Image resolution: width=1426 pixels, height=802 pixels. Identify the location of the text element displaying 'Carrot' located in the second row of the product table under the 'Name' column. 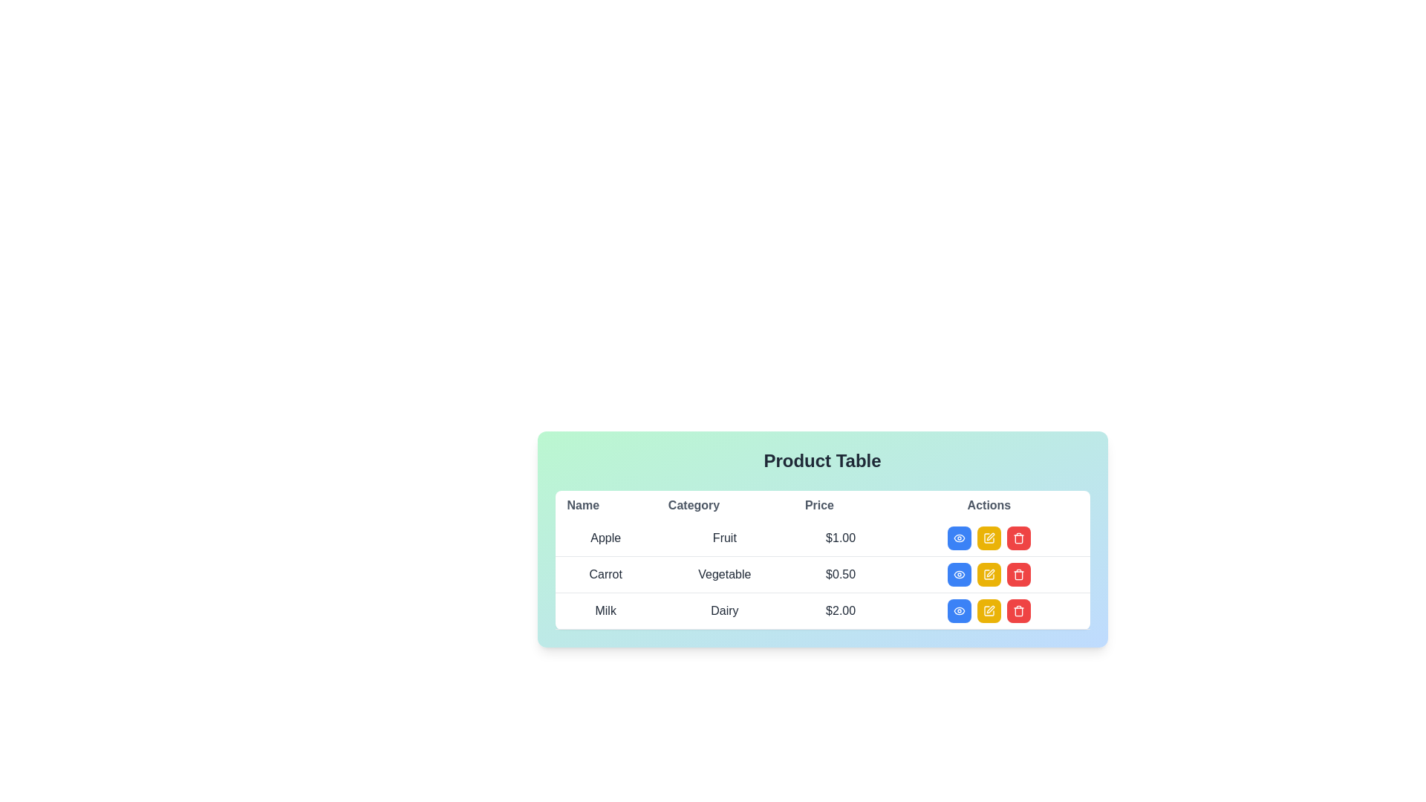
(605, 574).